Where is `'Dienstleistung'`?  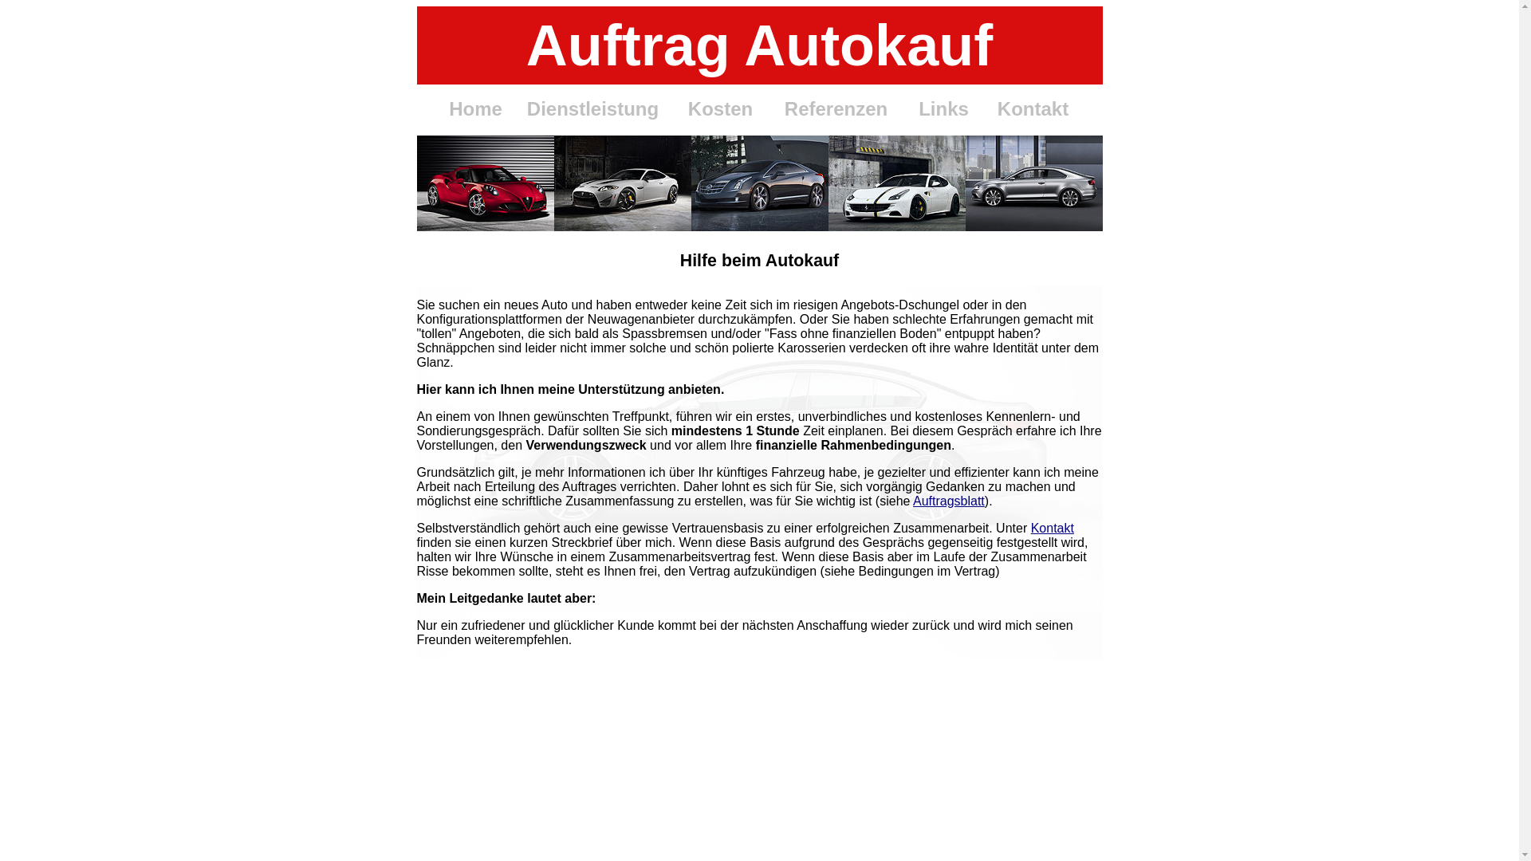 'Dienstleistung' is located at coordinates (592, 108).